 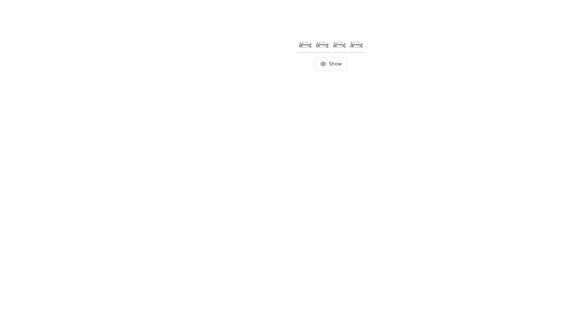 I want to click on the third text input field in a row of four horizontally aligned input boxes to focus on it, so click(x=339, y=45).